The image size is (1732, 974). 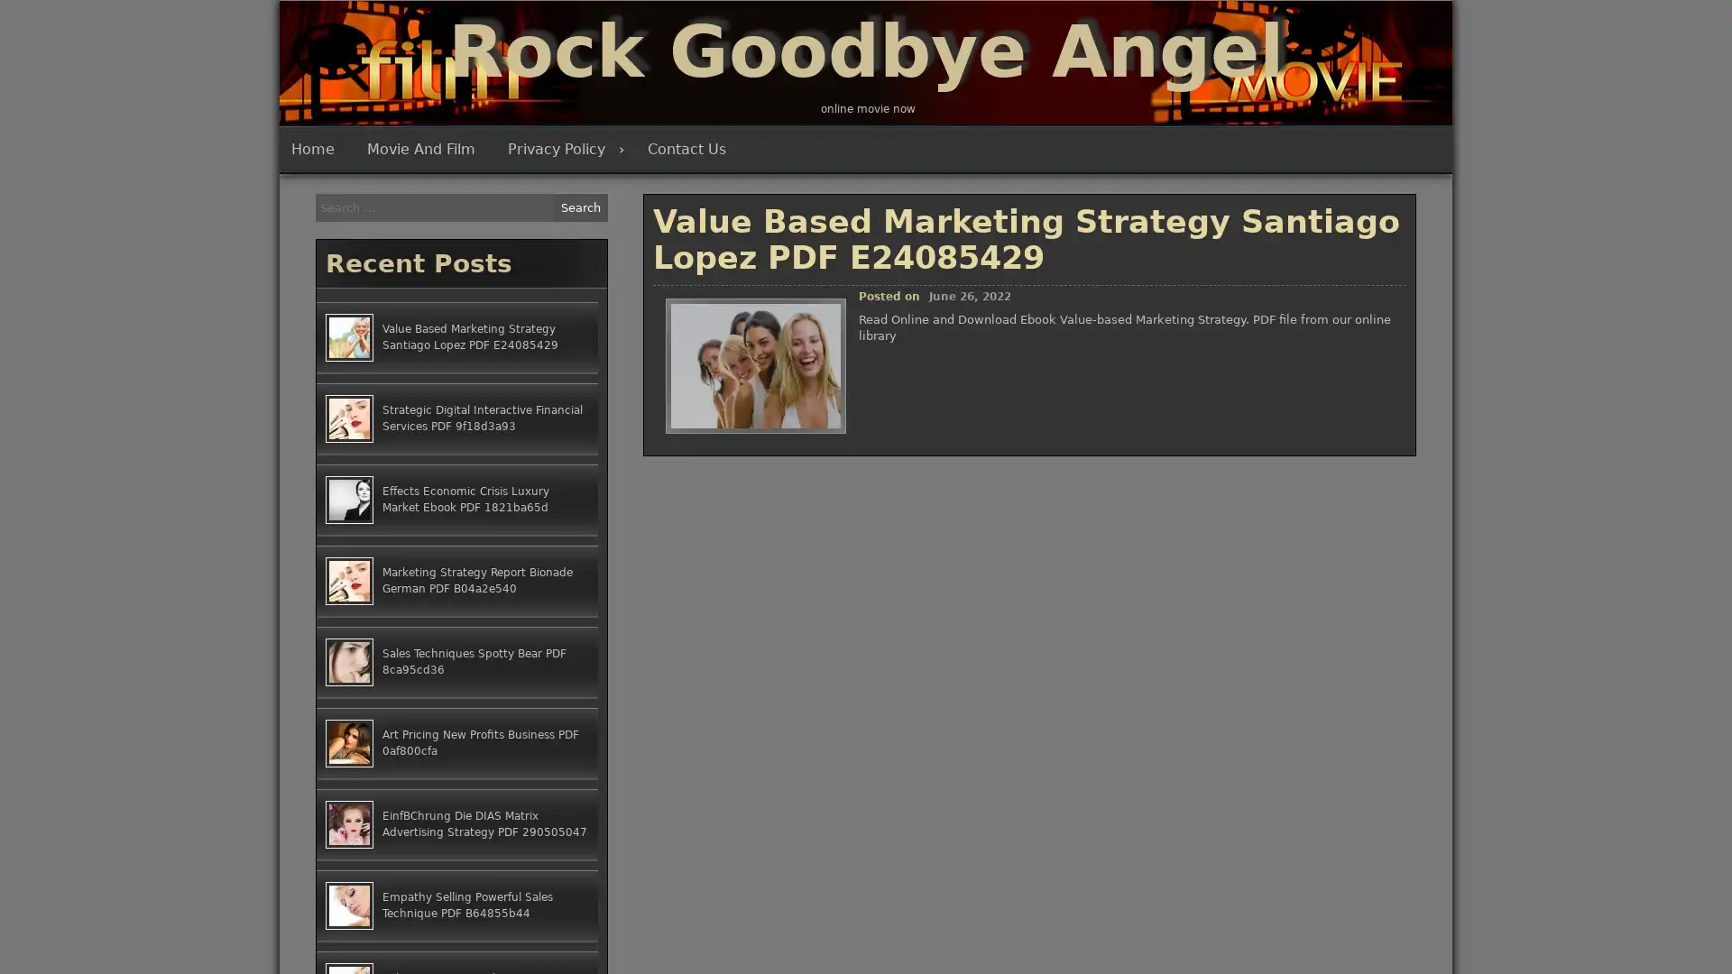 I want to click on Search, so click(x=580, y=207).